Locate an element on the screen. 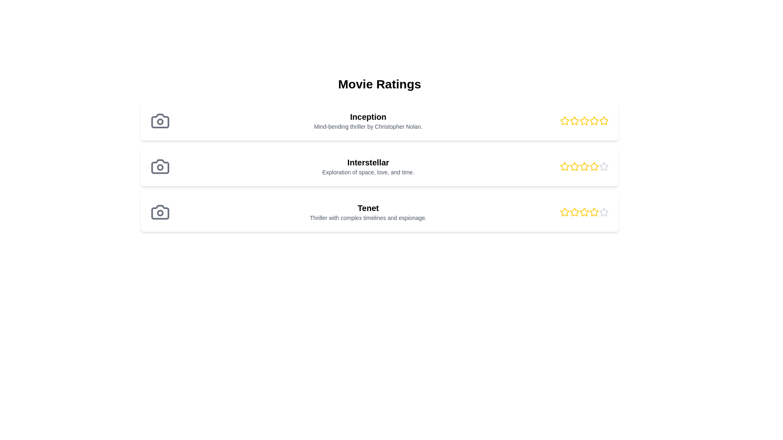 The width and height of the screenshot is (783, 440). the active yellow star icon, which represents the 5th star in the rating group for 'Inception's' ratings is located at coordinates (604, 121).